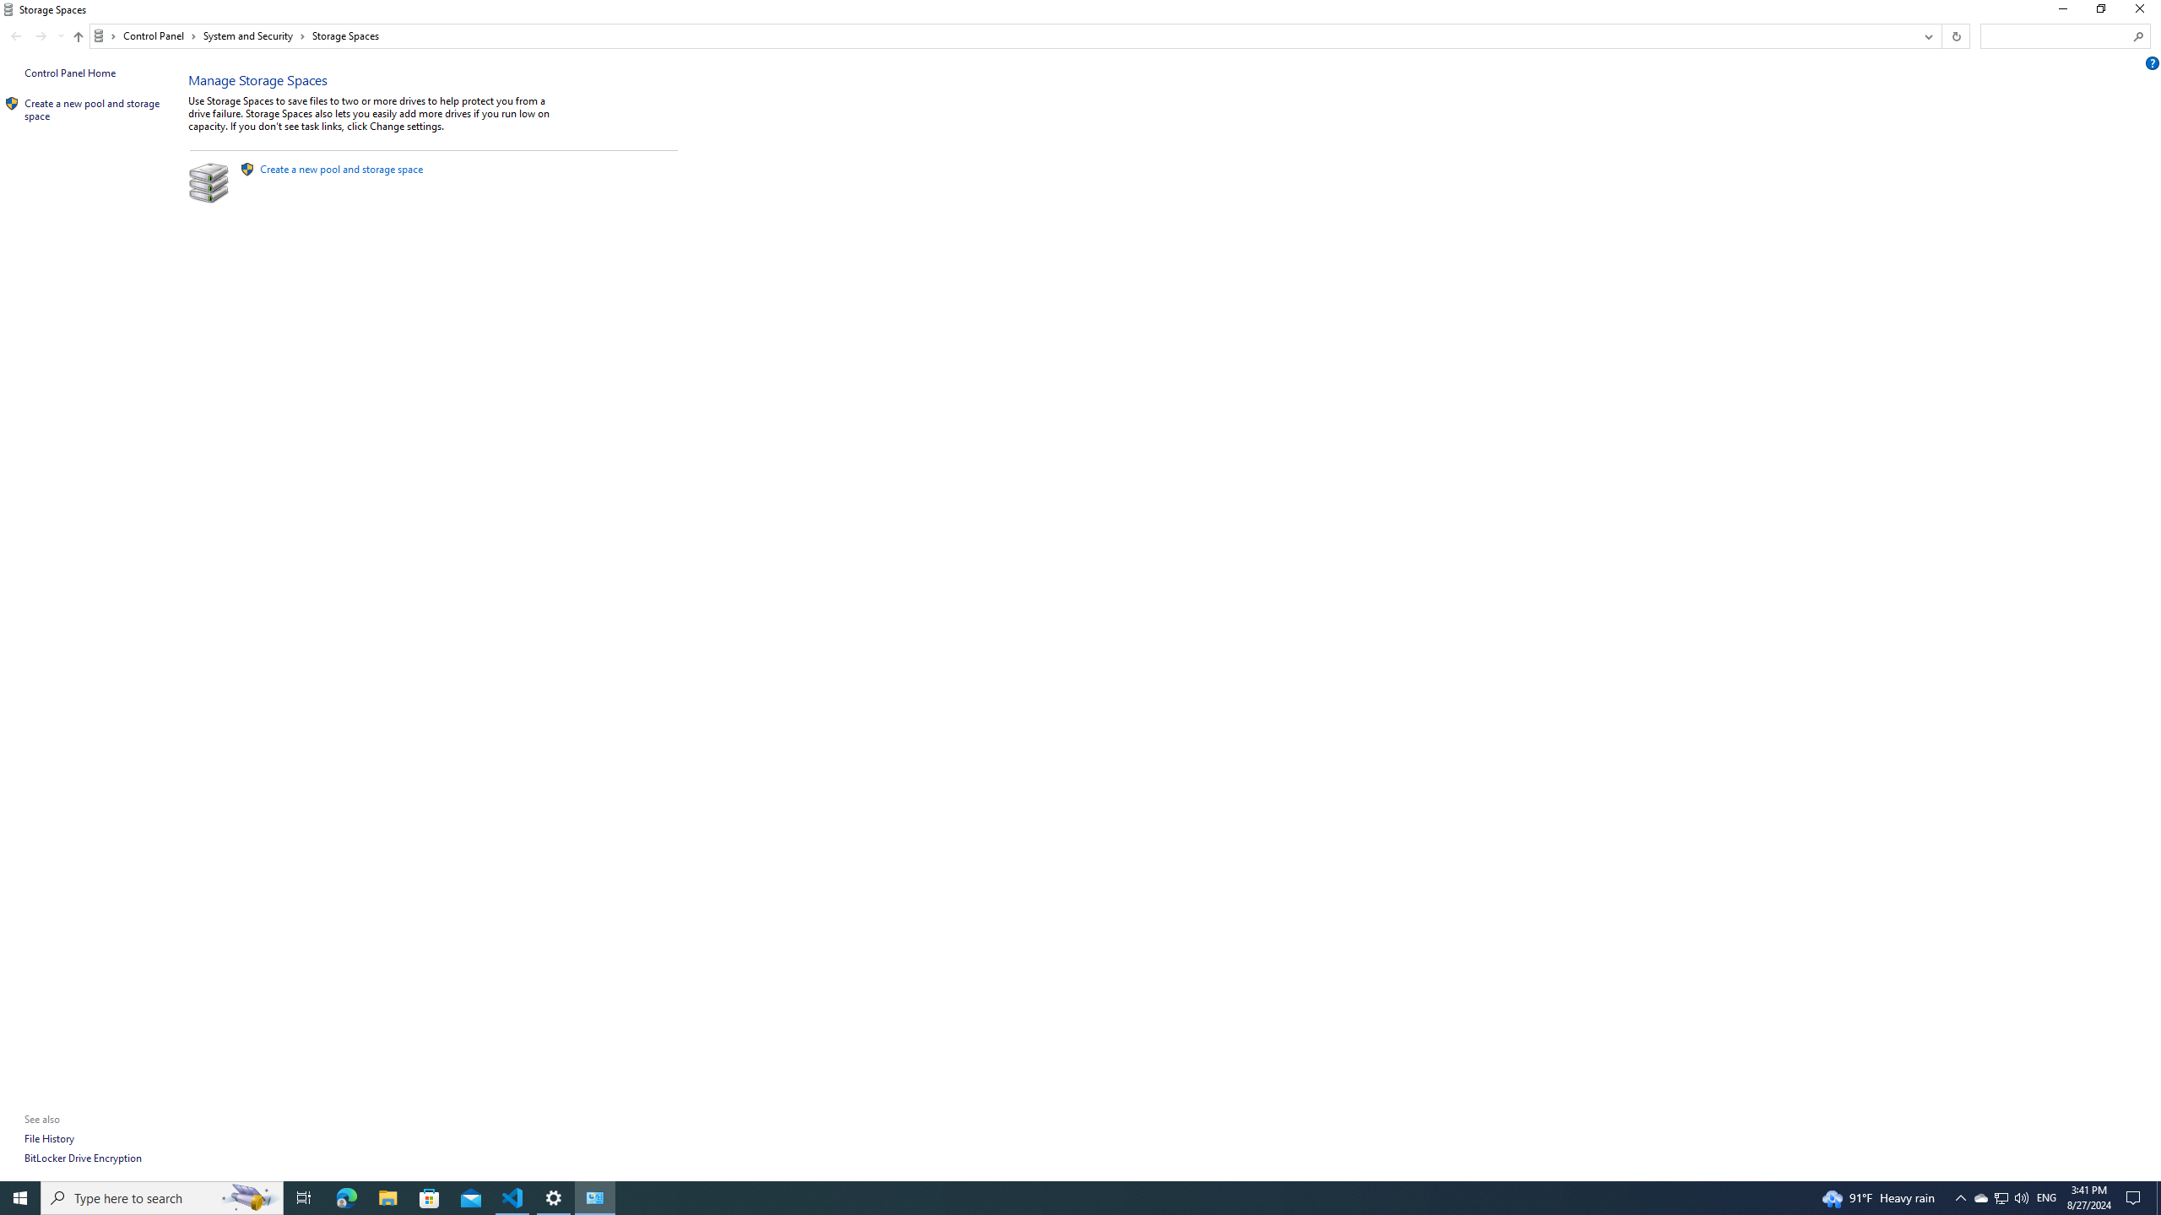  Describe the element at coordinates (35, 35) in the screenshot. I see `'Navigation buttons'` at that location.